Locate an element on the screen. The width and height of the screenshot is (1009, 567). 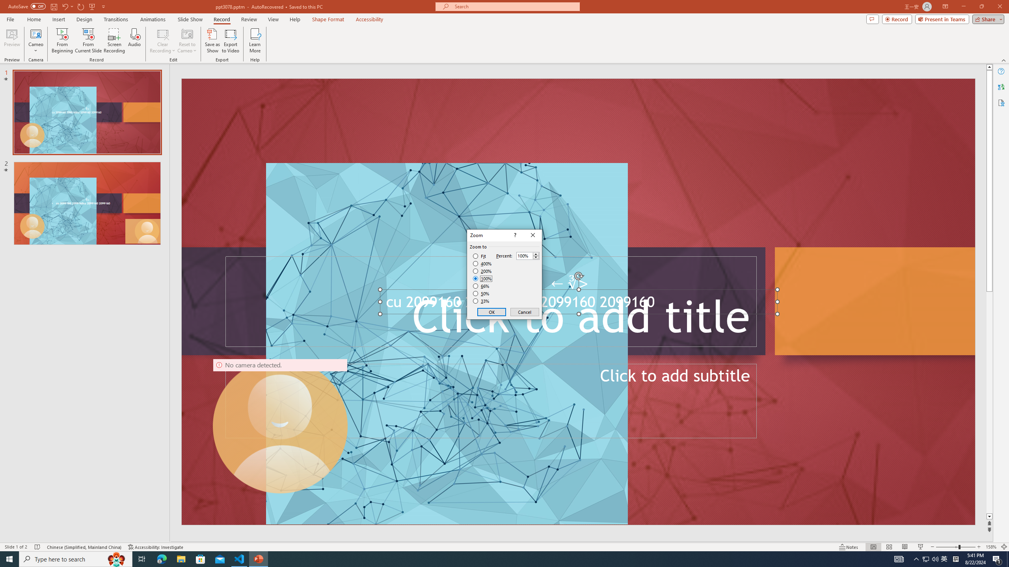
'100%' is located at coordinates (482, 278).